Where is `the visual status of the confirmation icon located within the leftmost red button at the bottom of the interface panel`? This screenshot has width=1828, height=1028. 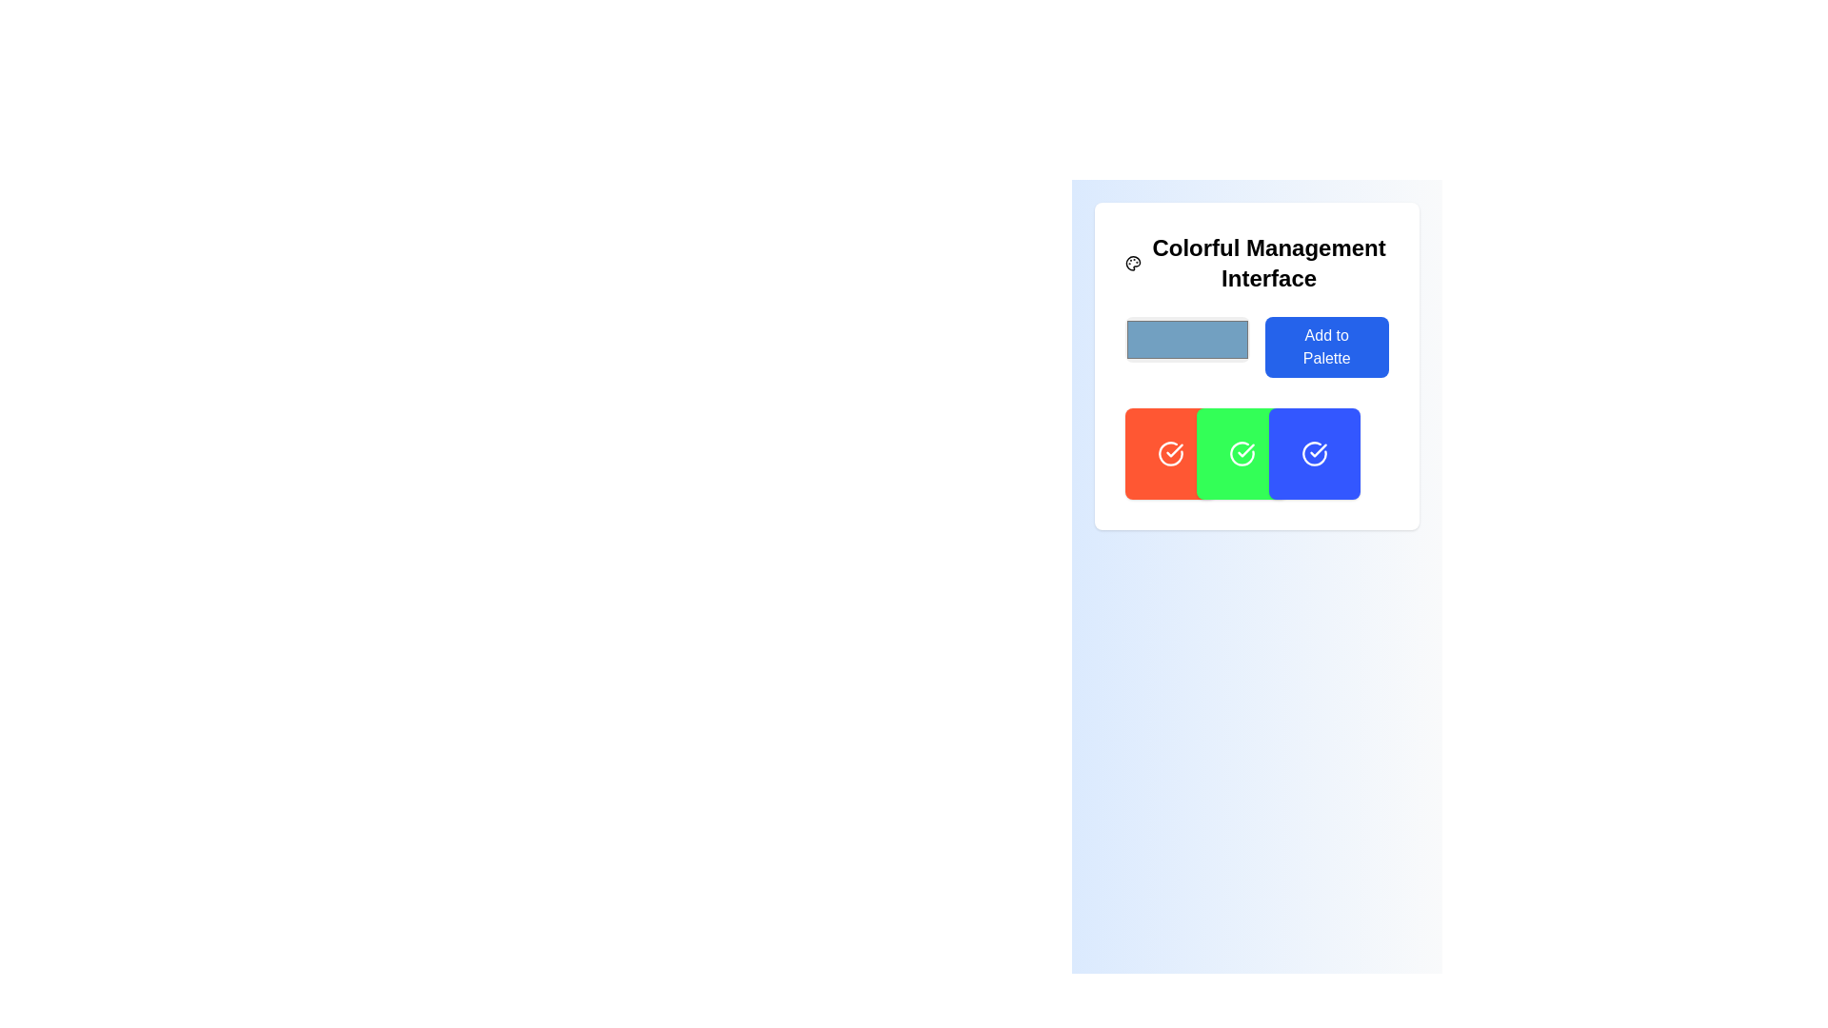
the visual status of the confirmation icon located within the leftmost red button at the bottom of the interface panel is located at coordinates (1173, 450).